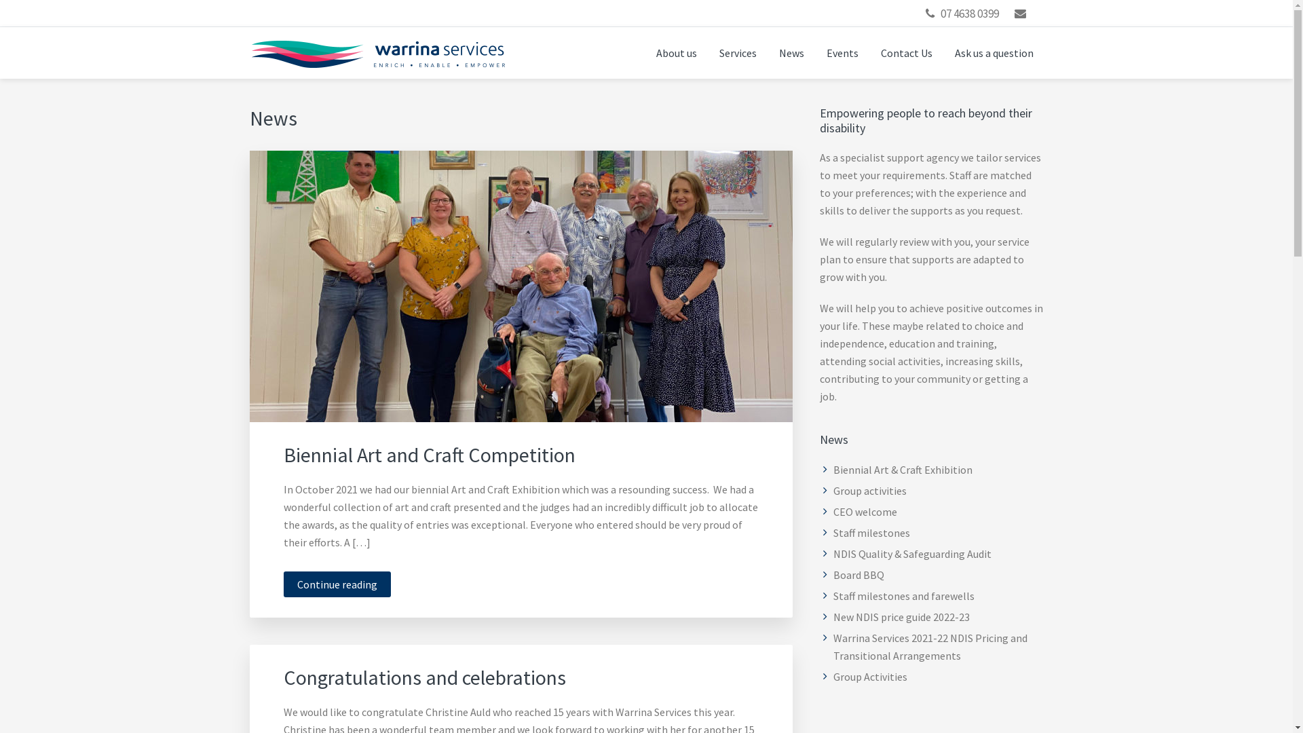 The image size is (1303, 733). I want to click on 'NDIS Quality & Safeguarding Audit', so click(912, 554).